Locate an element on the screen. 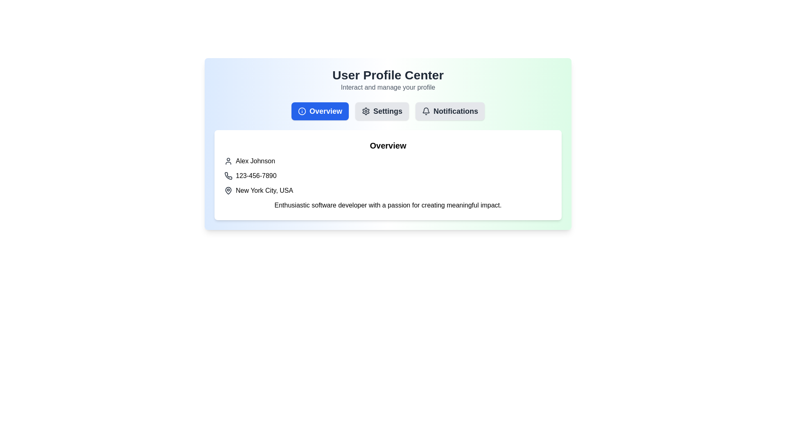 This screenshot has height=442, width=786. the 'Settings' icon located at the top center of the interface, beneath the 'Settings' label is located at coordinates (365, 111).